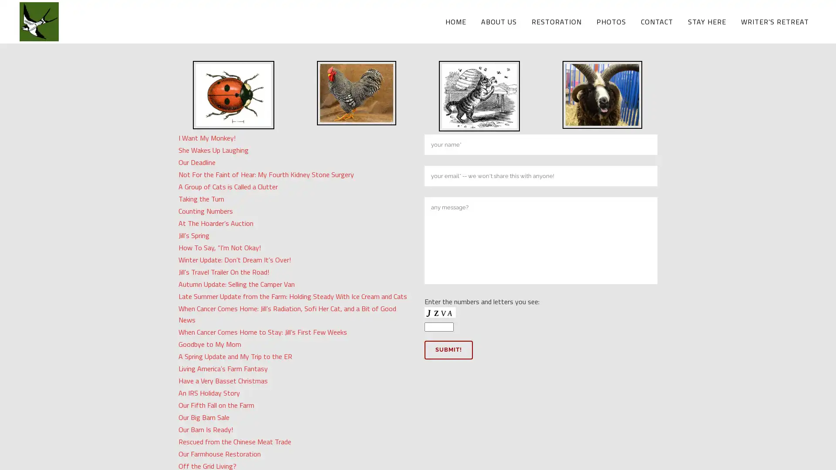 Image resolution: width=836 pixels, height=470 pixels. What do you see at coordinates (448, 349) in the screenshot?
I see `Submit!` at bounding box center [448, 349].